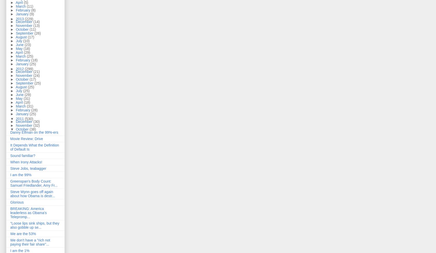  I want to click on 'BREAKING:  America leaderless as Obama's Telepromp...', so click(28, 213).